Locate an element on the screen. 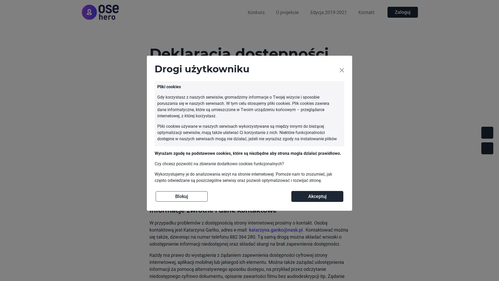  Blokuj is located at coordinates (182, 196).